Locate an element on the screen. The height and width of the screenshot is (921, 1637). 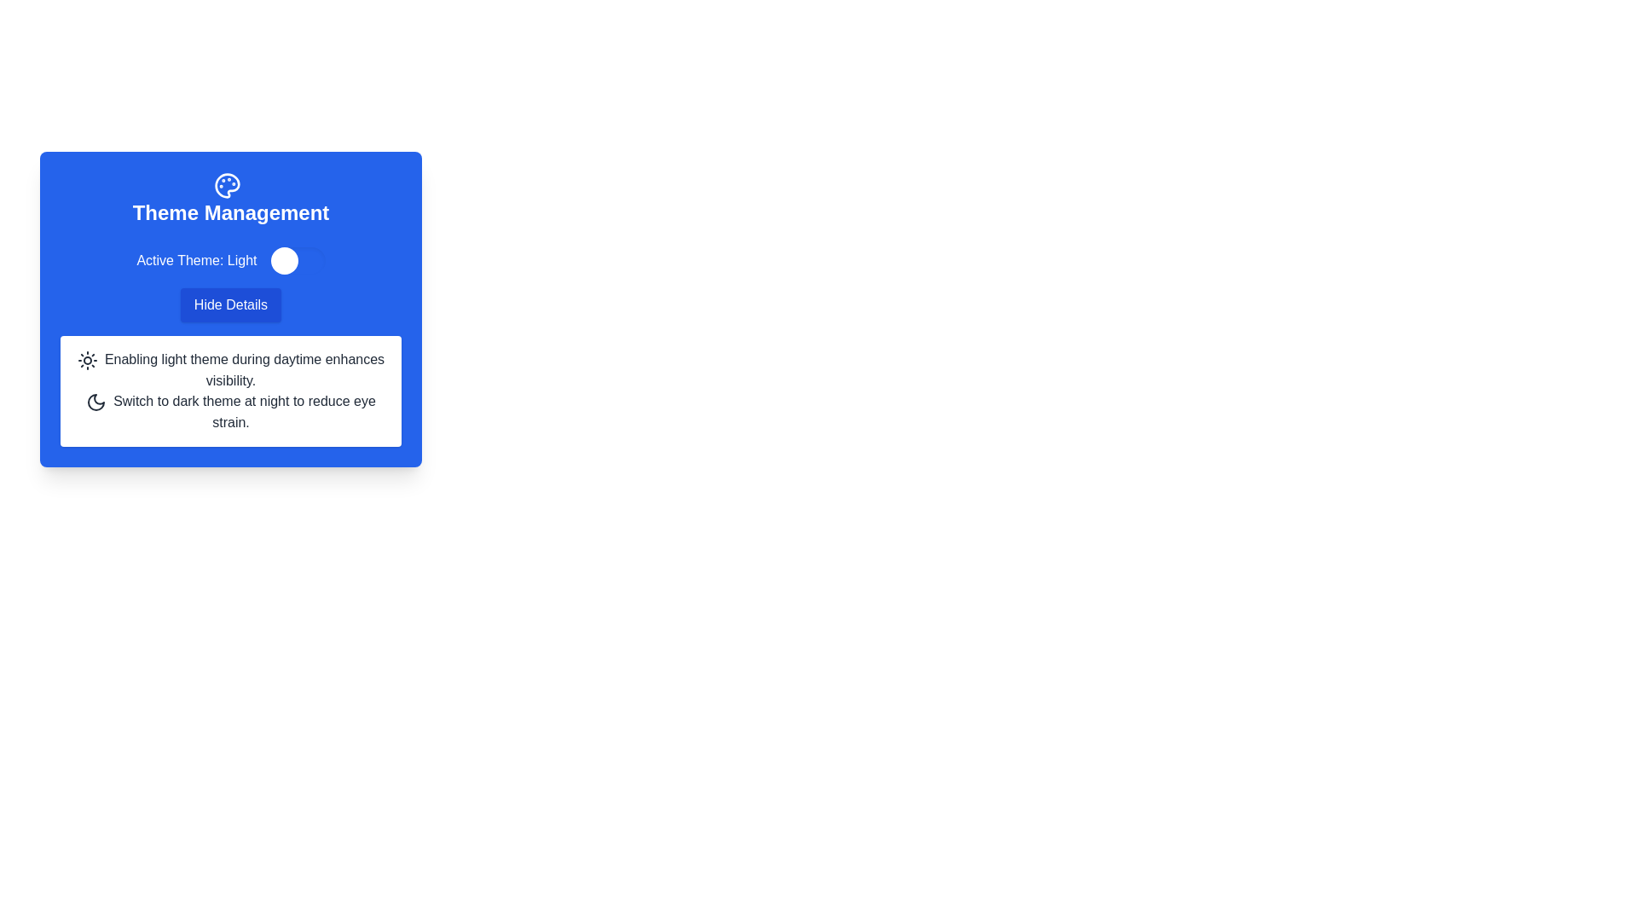
the white circular handle of the toggle switch located is located at coordinates (298, 260).